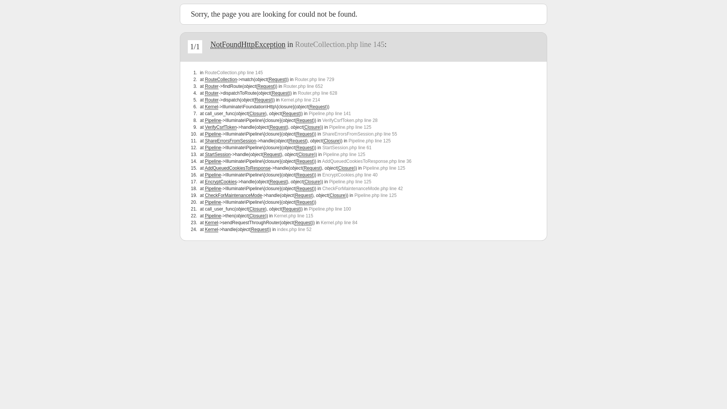 This screenshot has height=409, width=727. Describe the element at coordinates (300, 99) in the screenshot. I see `'Kernel.php line 214'` at that location.